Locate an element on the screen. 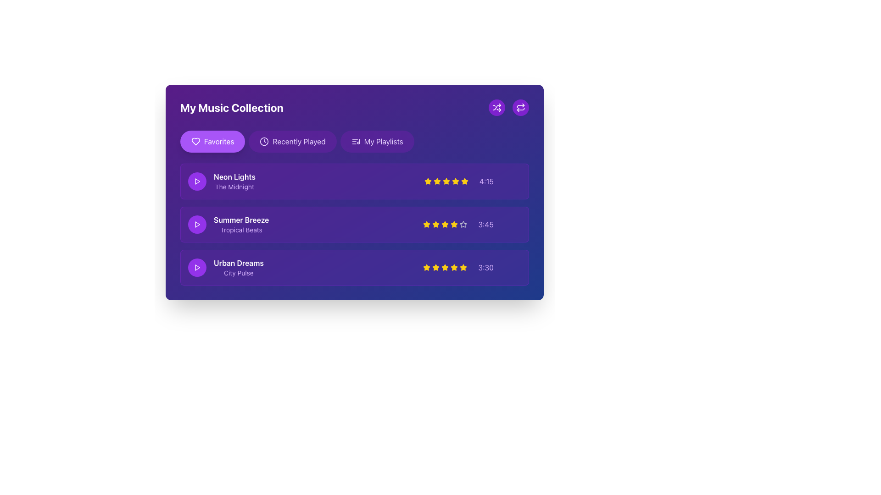 The width and height of the screenshot is (881, 495). the 'Summer Breeze' text display, which is styled with bold white font and a purple-tinted background is located at coordinates (229, 224).